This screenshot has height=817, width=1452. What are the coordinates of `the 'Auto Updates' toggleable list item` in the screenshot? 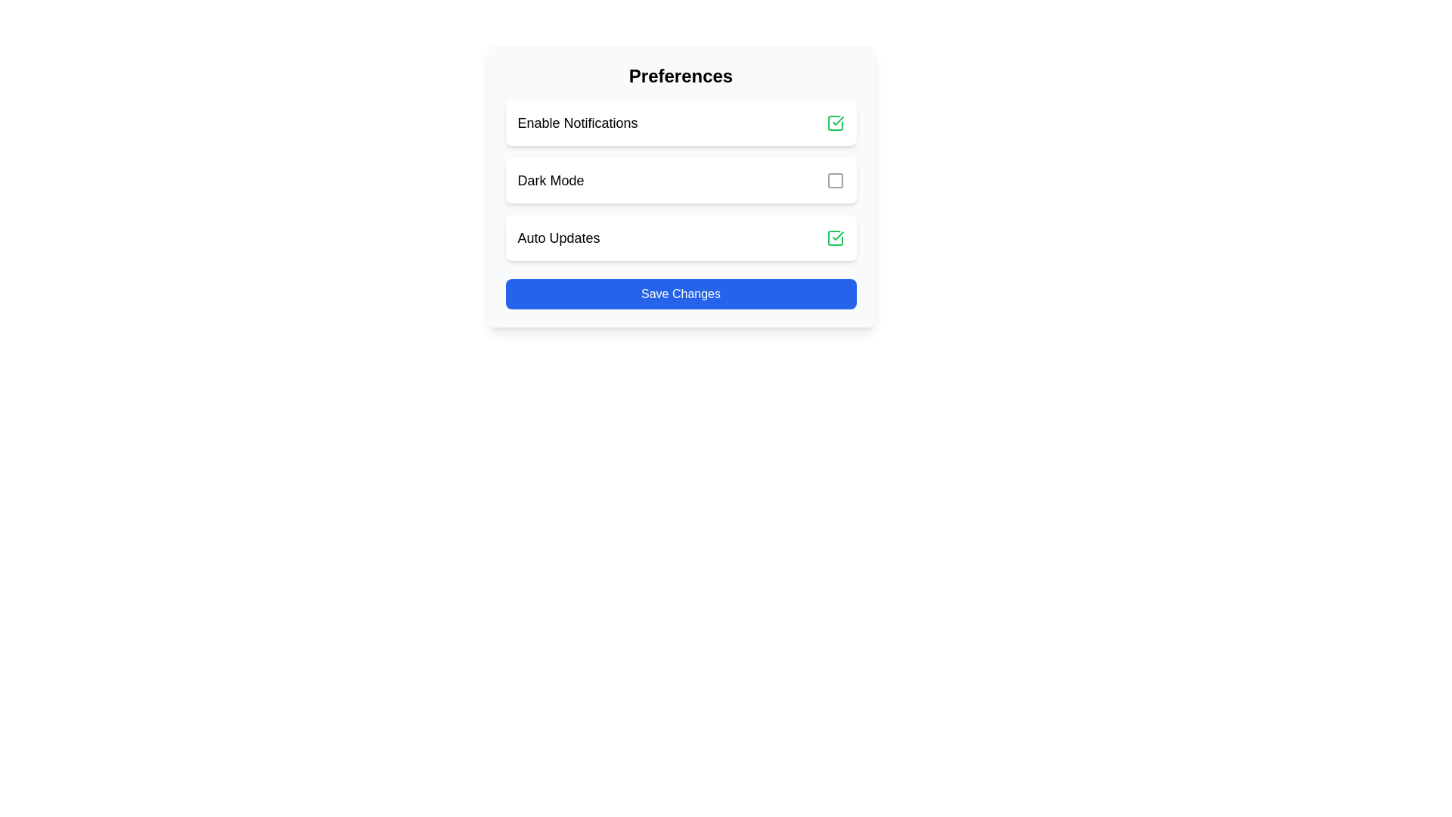 It's located at (680, 238).